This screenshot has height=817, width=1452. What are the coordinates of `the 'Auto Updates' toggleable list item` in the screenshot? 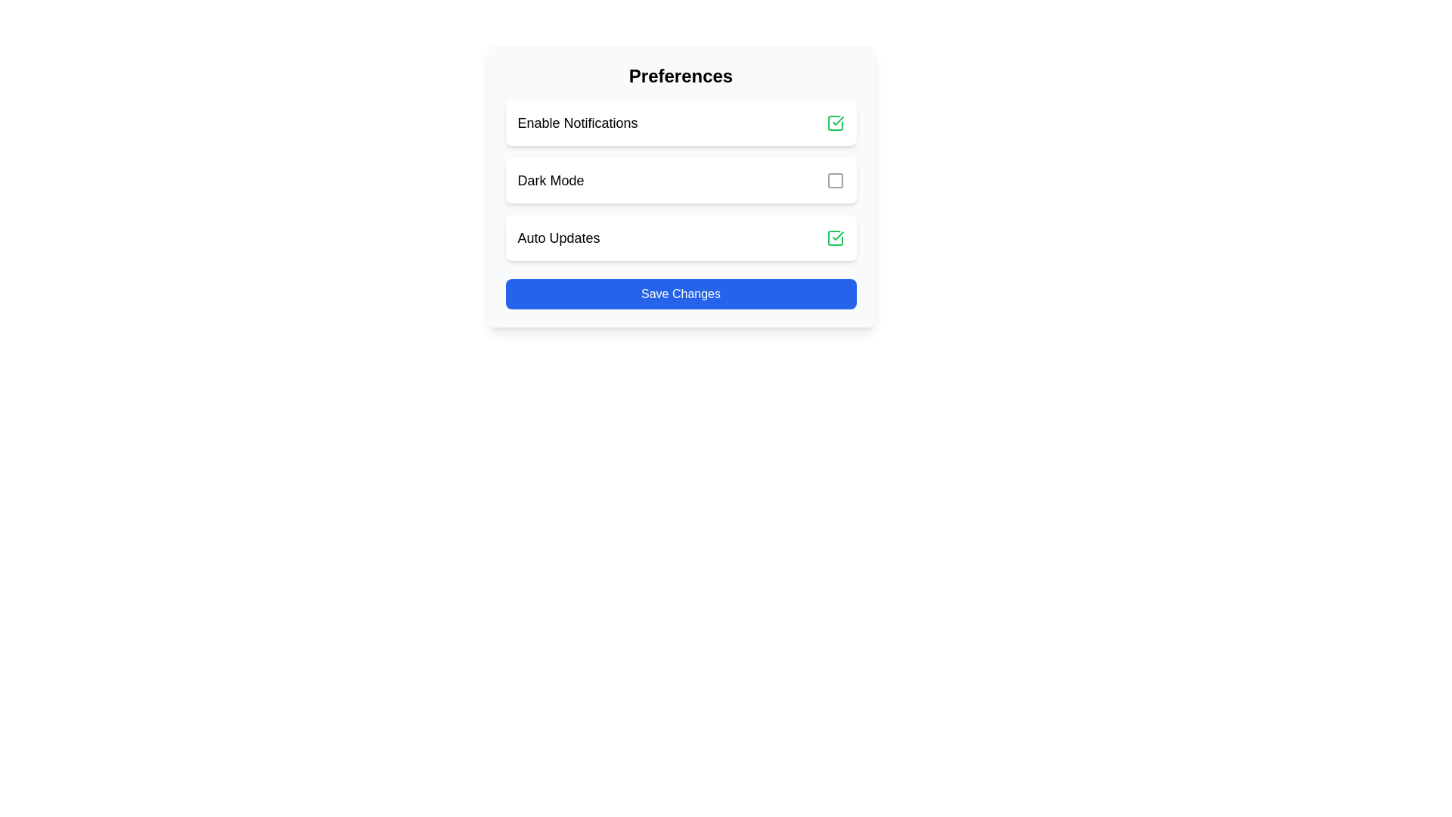 It's located at (680, 238).